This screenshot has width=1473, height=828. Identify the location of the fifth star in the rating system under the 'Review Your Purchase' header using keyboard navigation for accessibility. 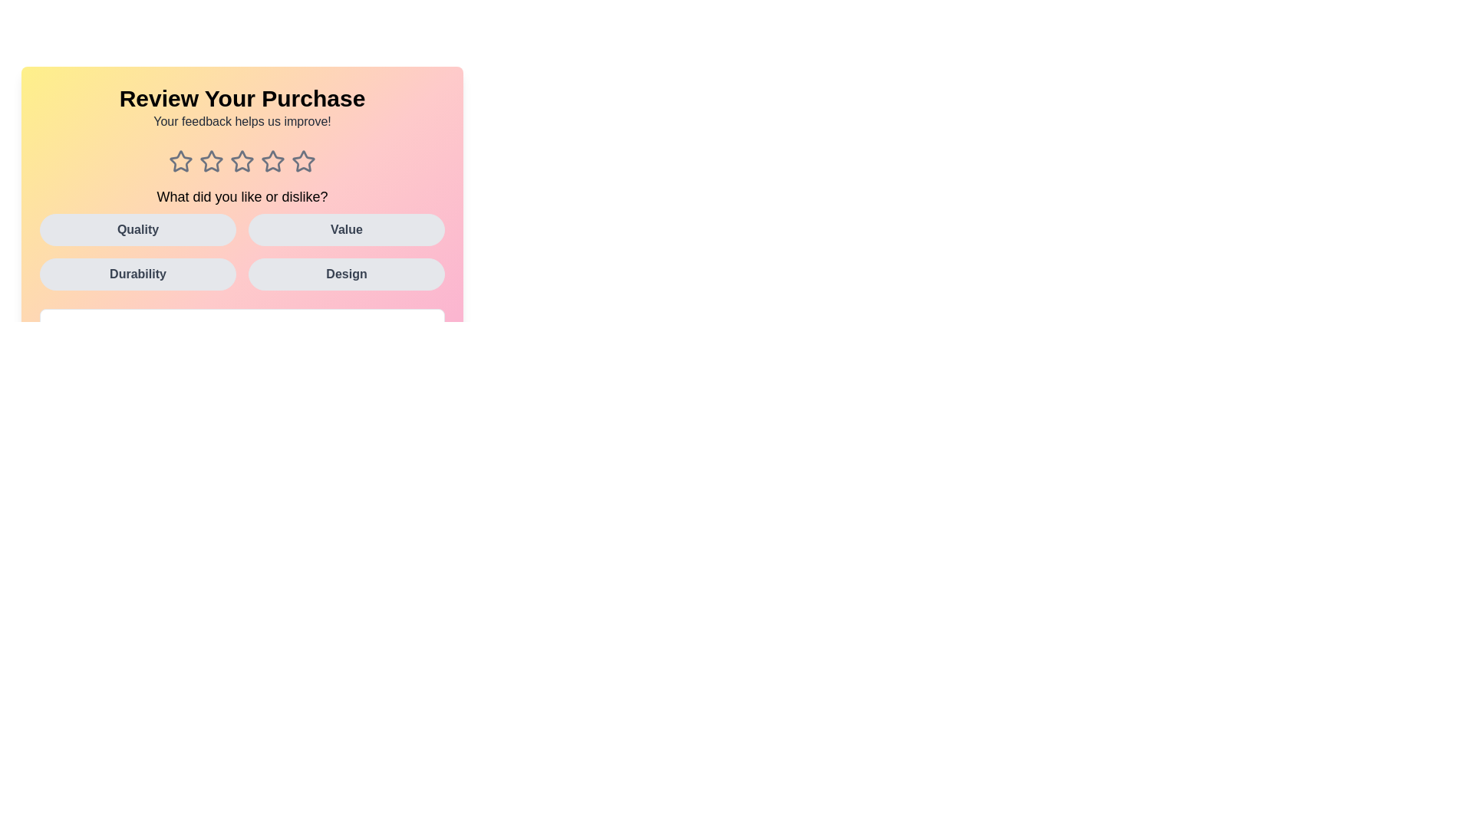
(303, 161).